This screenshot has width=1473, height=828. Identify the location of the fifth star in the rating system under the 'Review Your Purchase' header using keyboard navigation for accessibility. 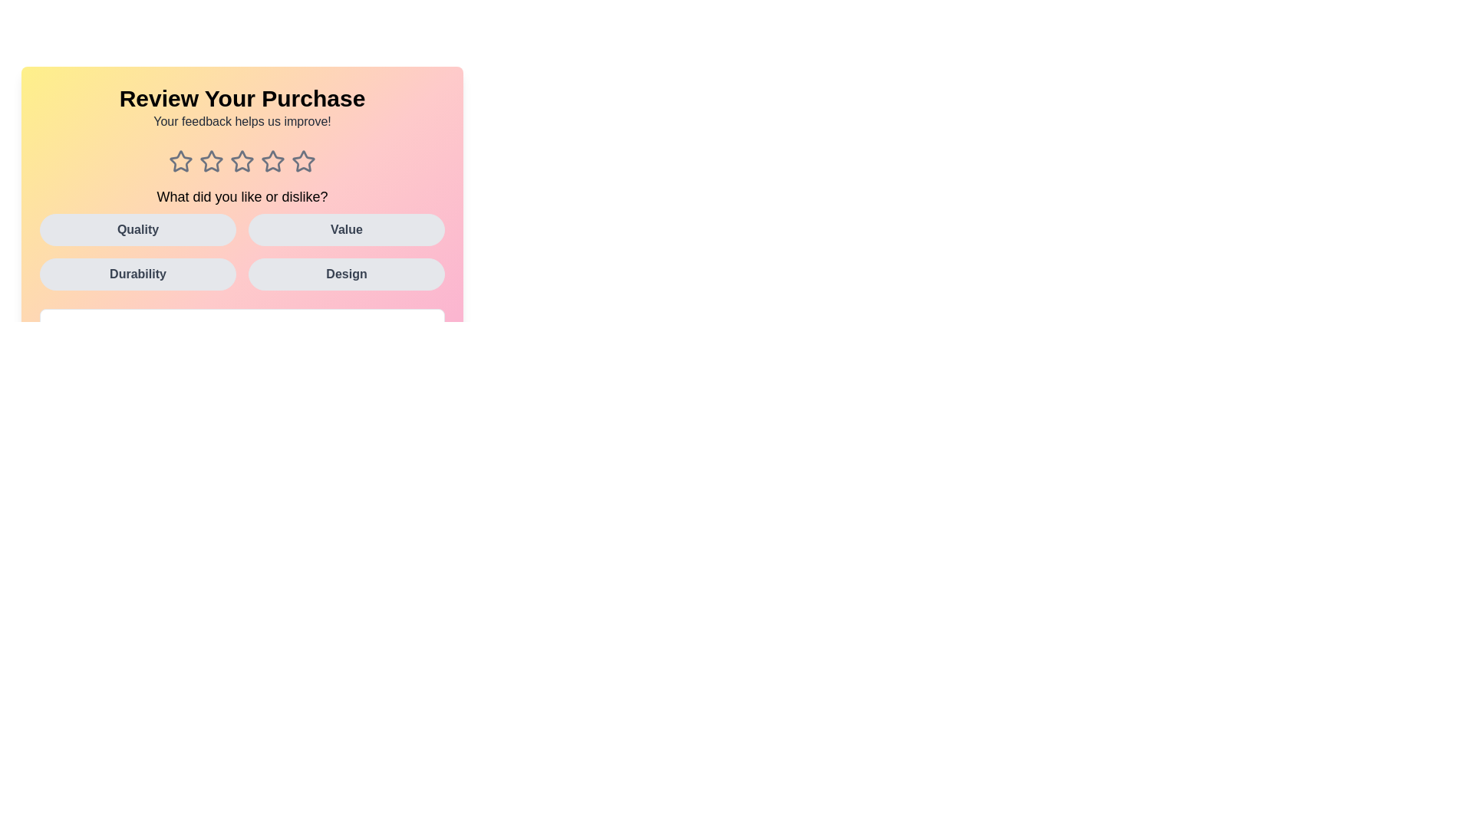
(303, 161).